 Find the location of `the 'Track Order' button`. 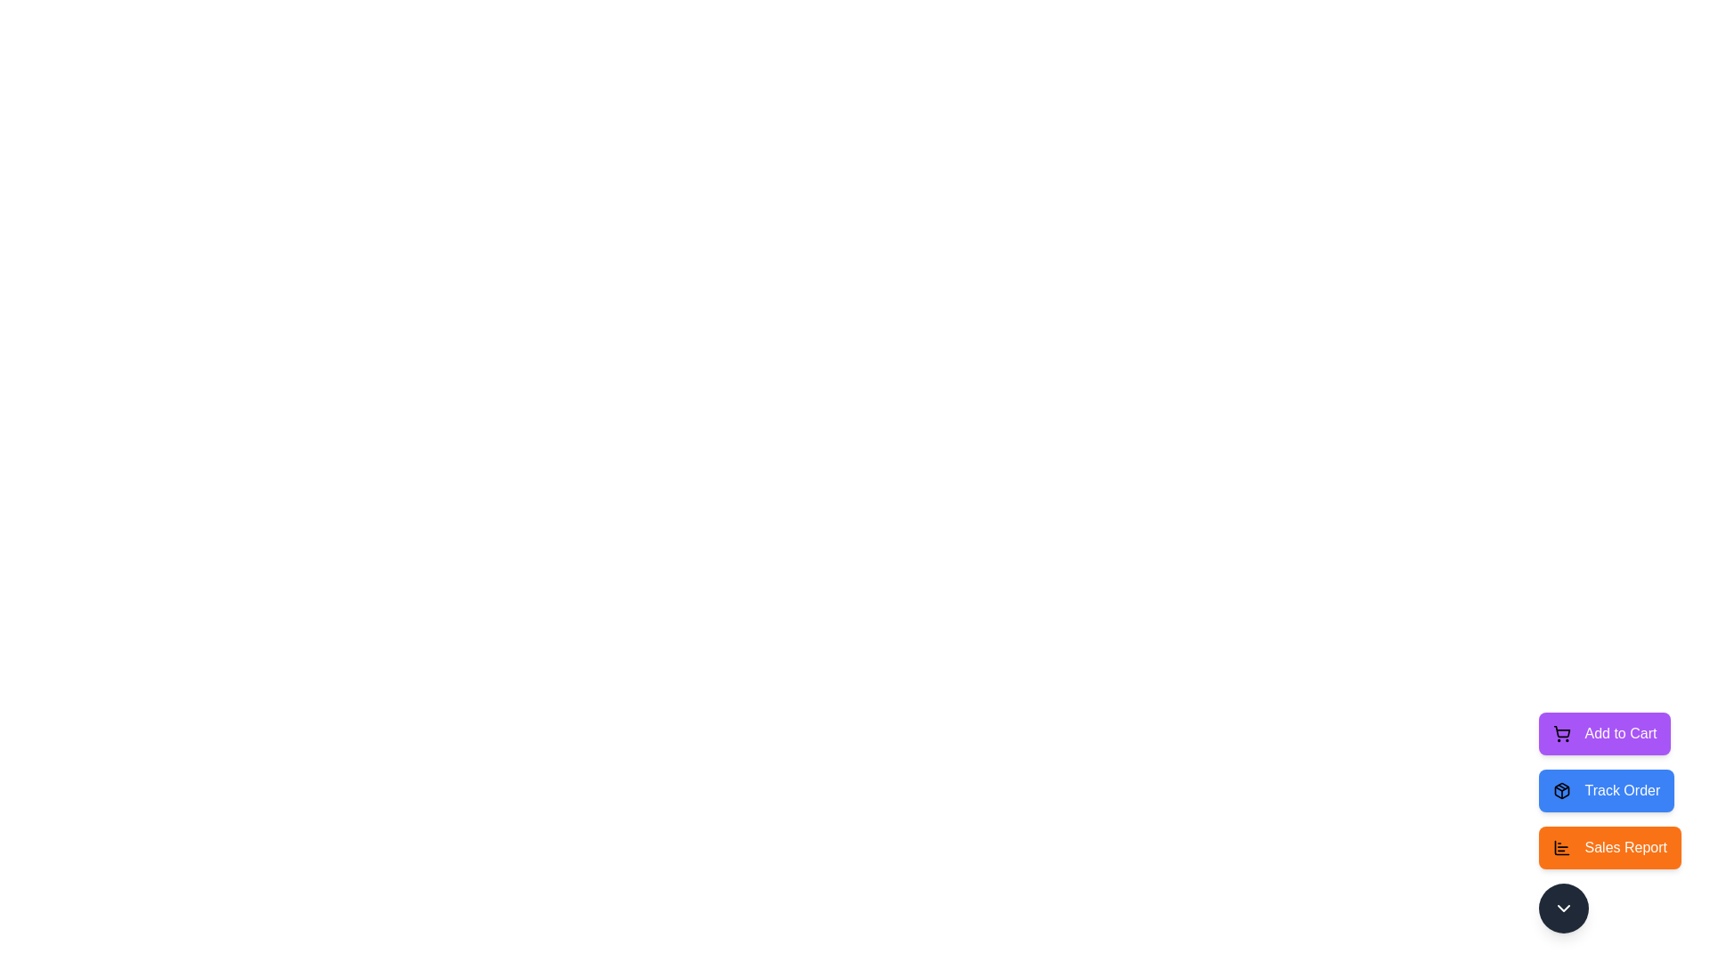

the 'Track Order' button is located at coordinates (1606, 789).